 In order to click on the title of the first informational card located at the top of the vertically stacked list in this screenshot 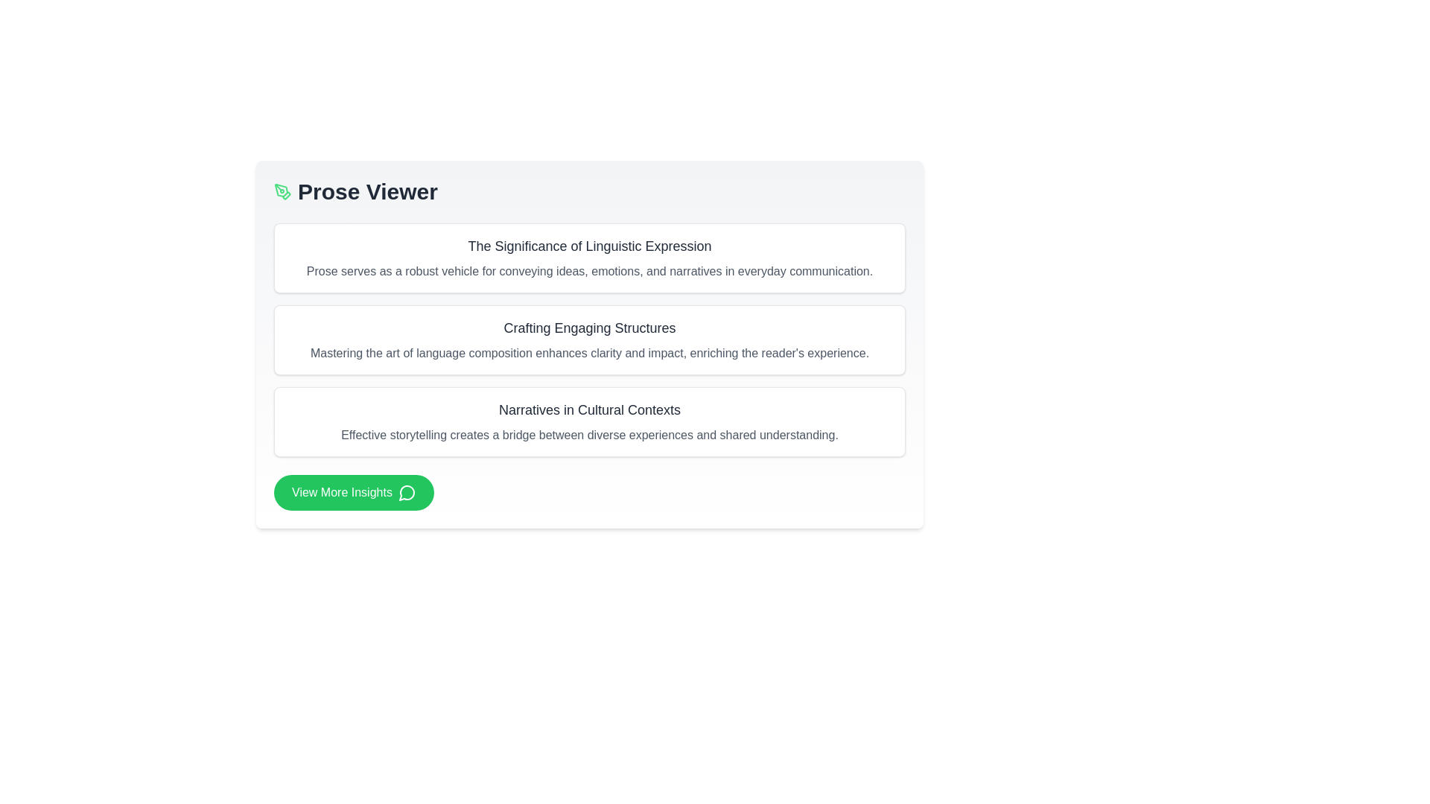, I will do `click(589, 258)`.